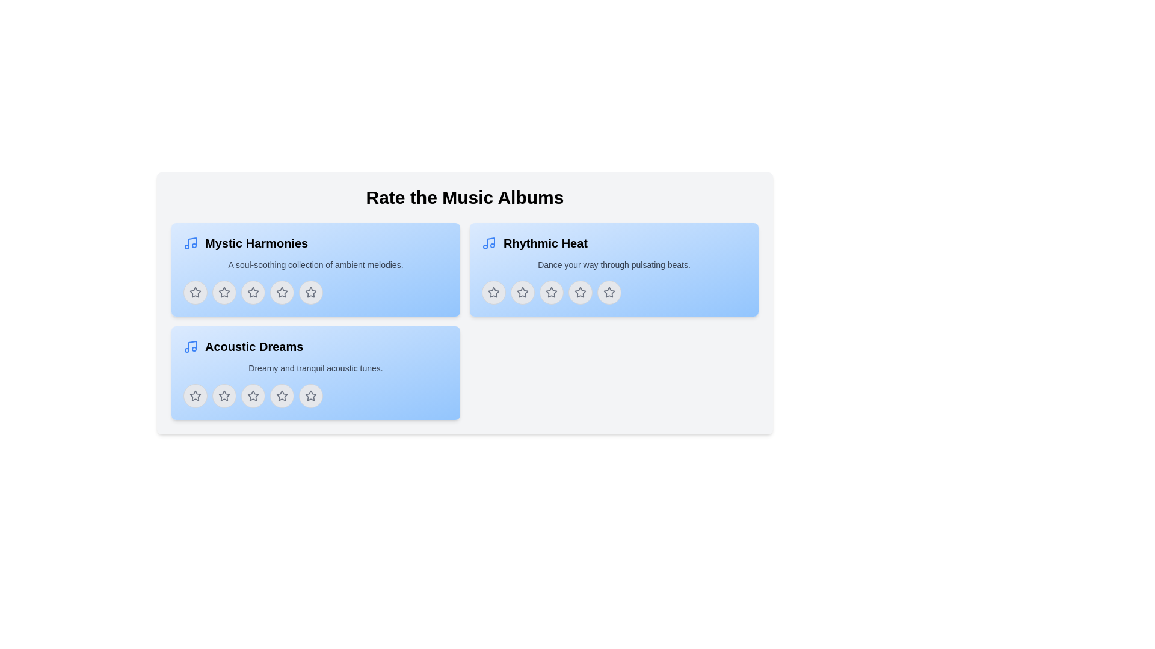 The image size is (1155, 649). What do you see at coordinates (315, 396) in the screenshot?
I see `the fourth star in the interactive star rating component located at the bottom of the 'Acoustic Dreams' card to register a rating` at bounding box center [315, 396].